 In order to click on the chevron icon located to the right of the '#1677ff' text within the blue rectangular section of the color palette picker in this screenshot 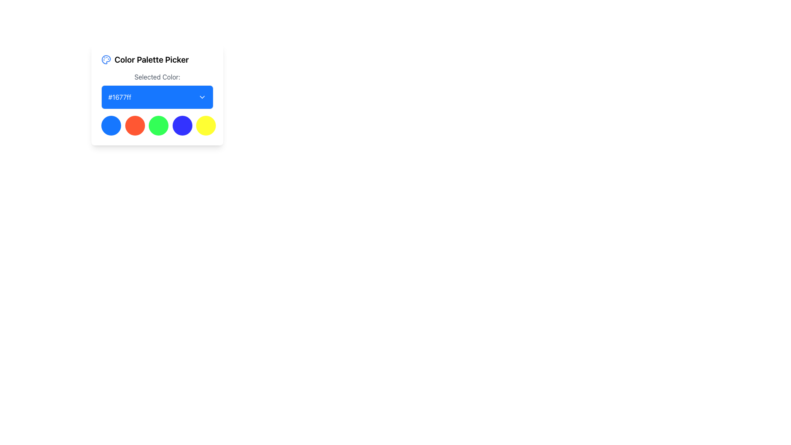, I will do `click(202, 96)`.